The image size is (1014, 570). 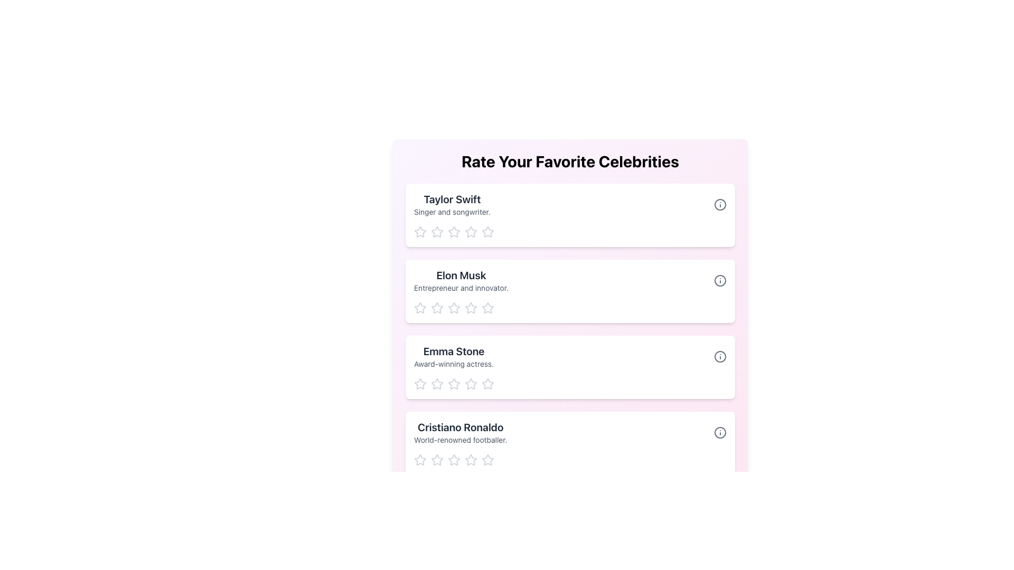 I want to click on the first rating star icon, so click(x=437, y=231).